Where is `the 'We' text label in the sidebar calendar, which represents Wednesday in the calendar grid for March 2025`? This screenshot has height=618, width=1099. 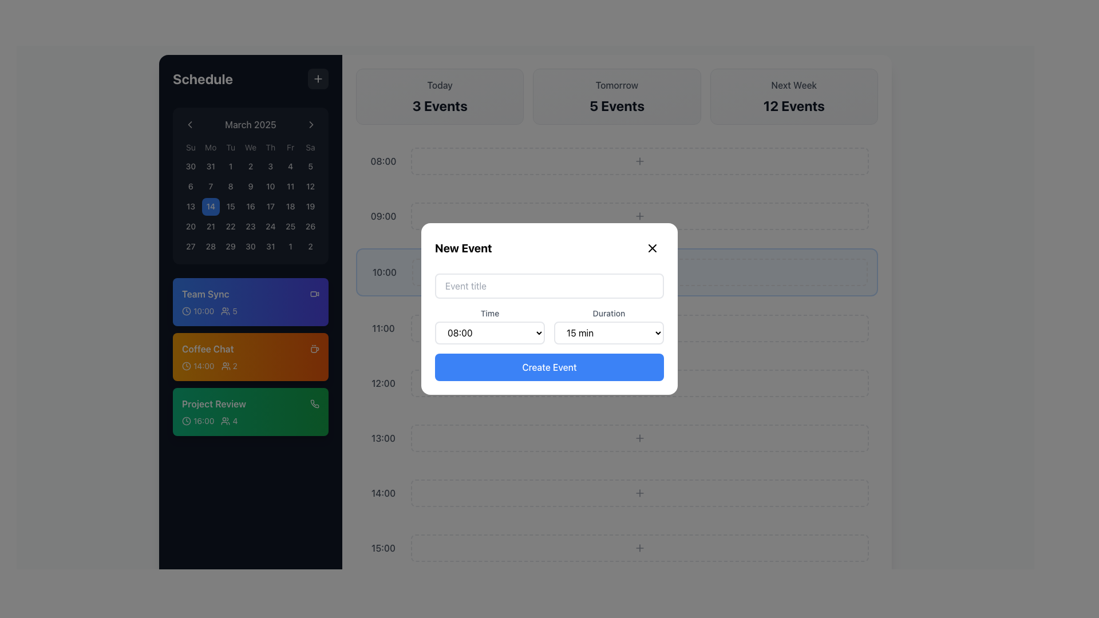 the 'We' text label in the sidebar calendar, which represents Wednesday in the calendar grid for March 2025 is located at coordinates (250, 147).